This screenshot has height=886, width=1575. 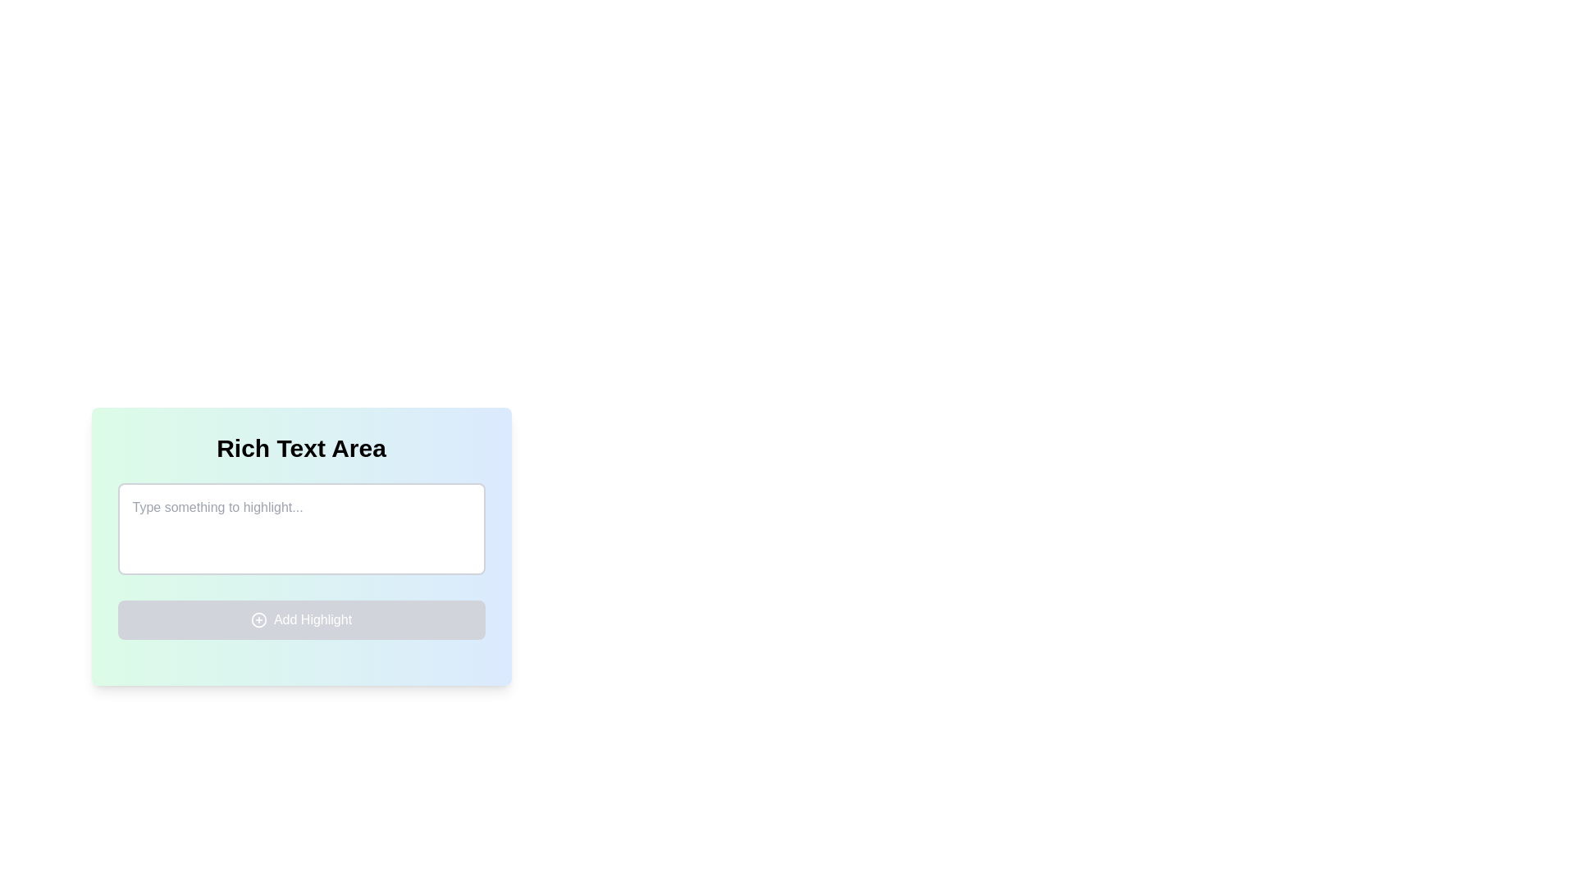 What do you see at coordinates (301, 449) in the screenshot?
I see `the Textual Label that serves as a heading for the textarea input field, located at the upper section of a card-style component with a gradient background` at bounding box center [301, 449].